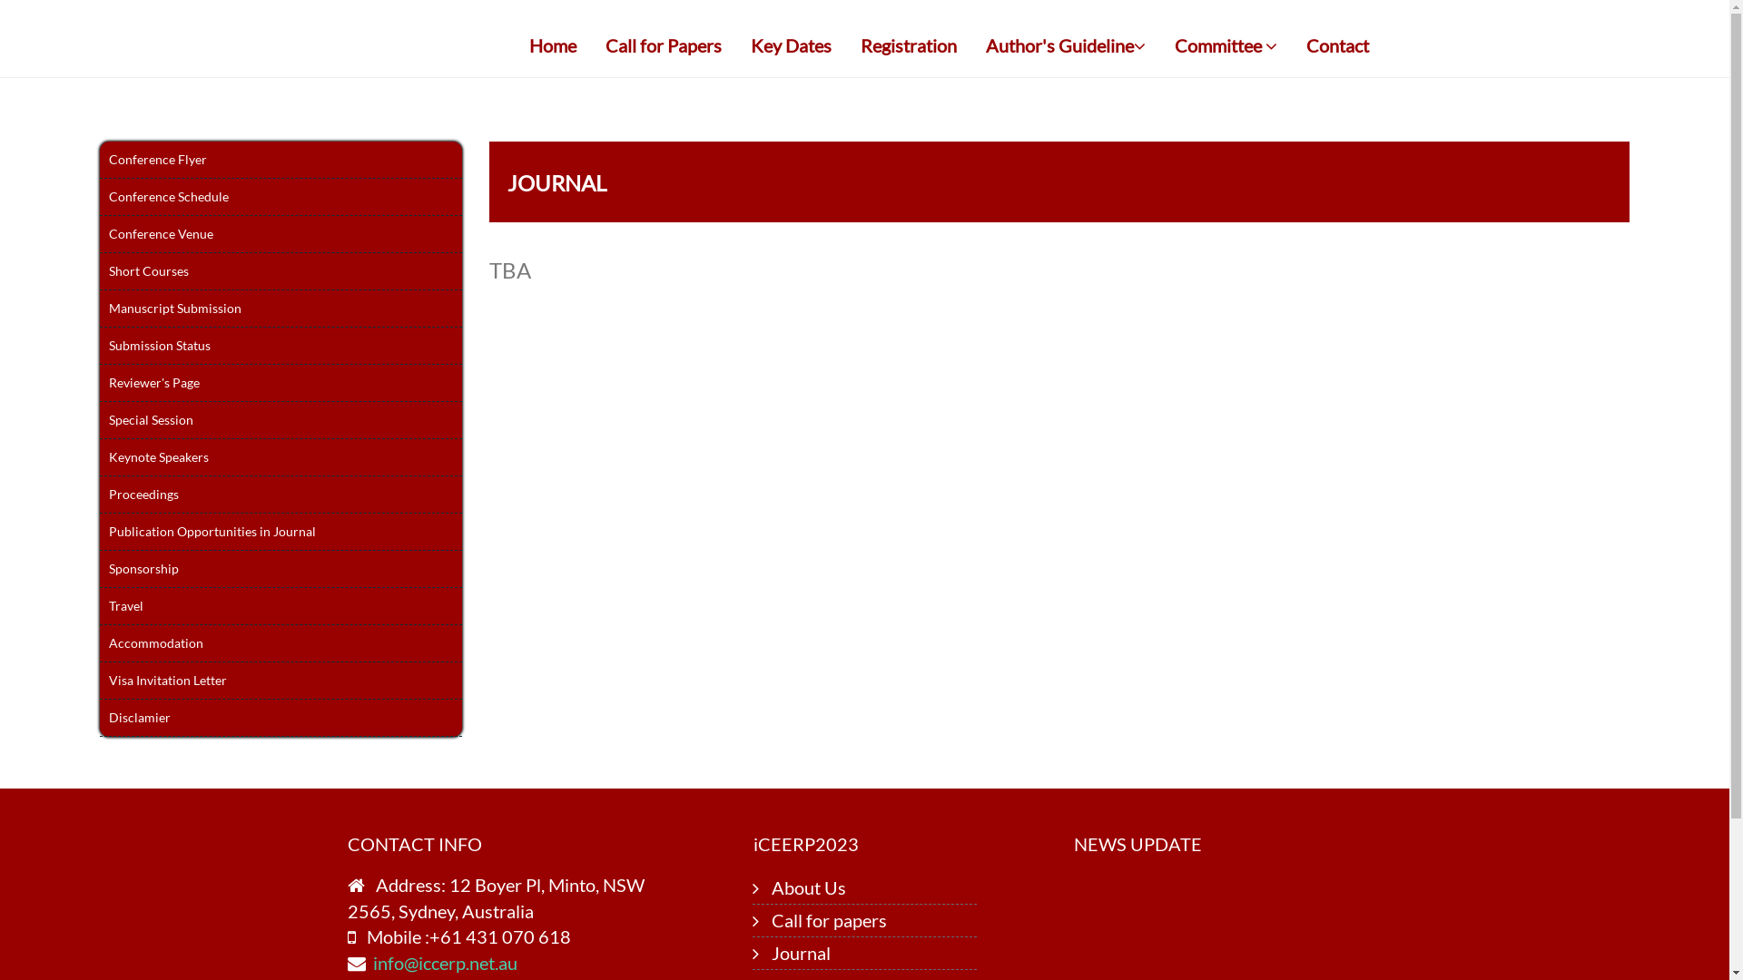 The width and height of the screenshot is (1743, 980). What do you see at coordinates (280, 568) in the screenshot?
I see `'Sponsorship'` at bounding box center [280, 568].